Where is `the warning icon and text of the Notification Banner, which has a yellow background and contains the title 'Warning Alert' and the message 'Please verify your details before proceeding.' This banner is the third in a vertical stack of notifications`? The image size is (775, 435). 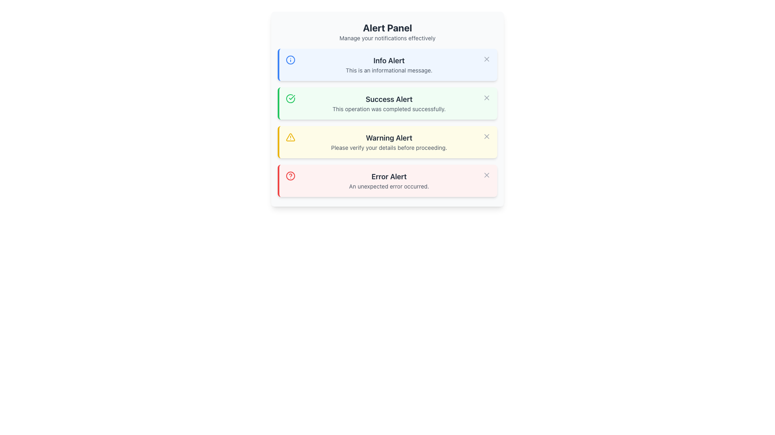
the warning icon and text of the Notification Banner, which has a yellow background and contains the title 'Warning Alert' and the message 'Please verify your details before proceeding.' This banner is the third in a vertical stack of notifications is located at coordinates (387, 142).